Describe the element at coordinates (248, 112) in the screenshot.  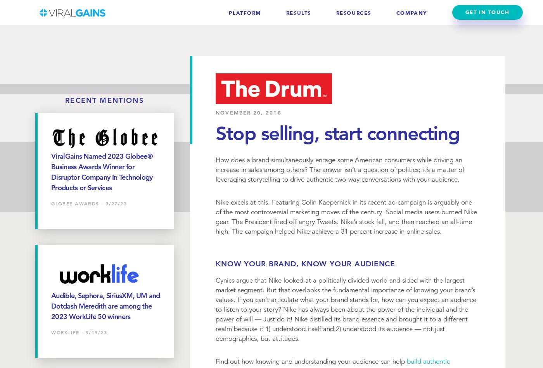
I see `'November 20, 2018'` at that location.